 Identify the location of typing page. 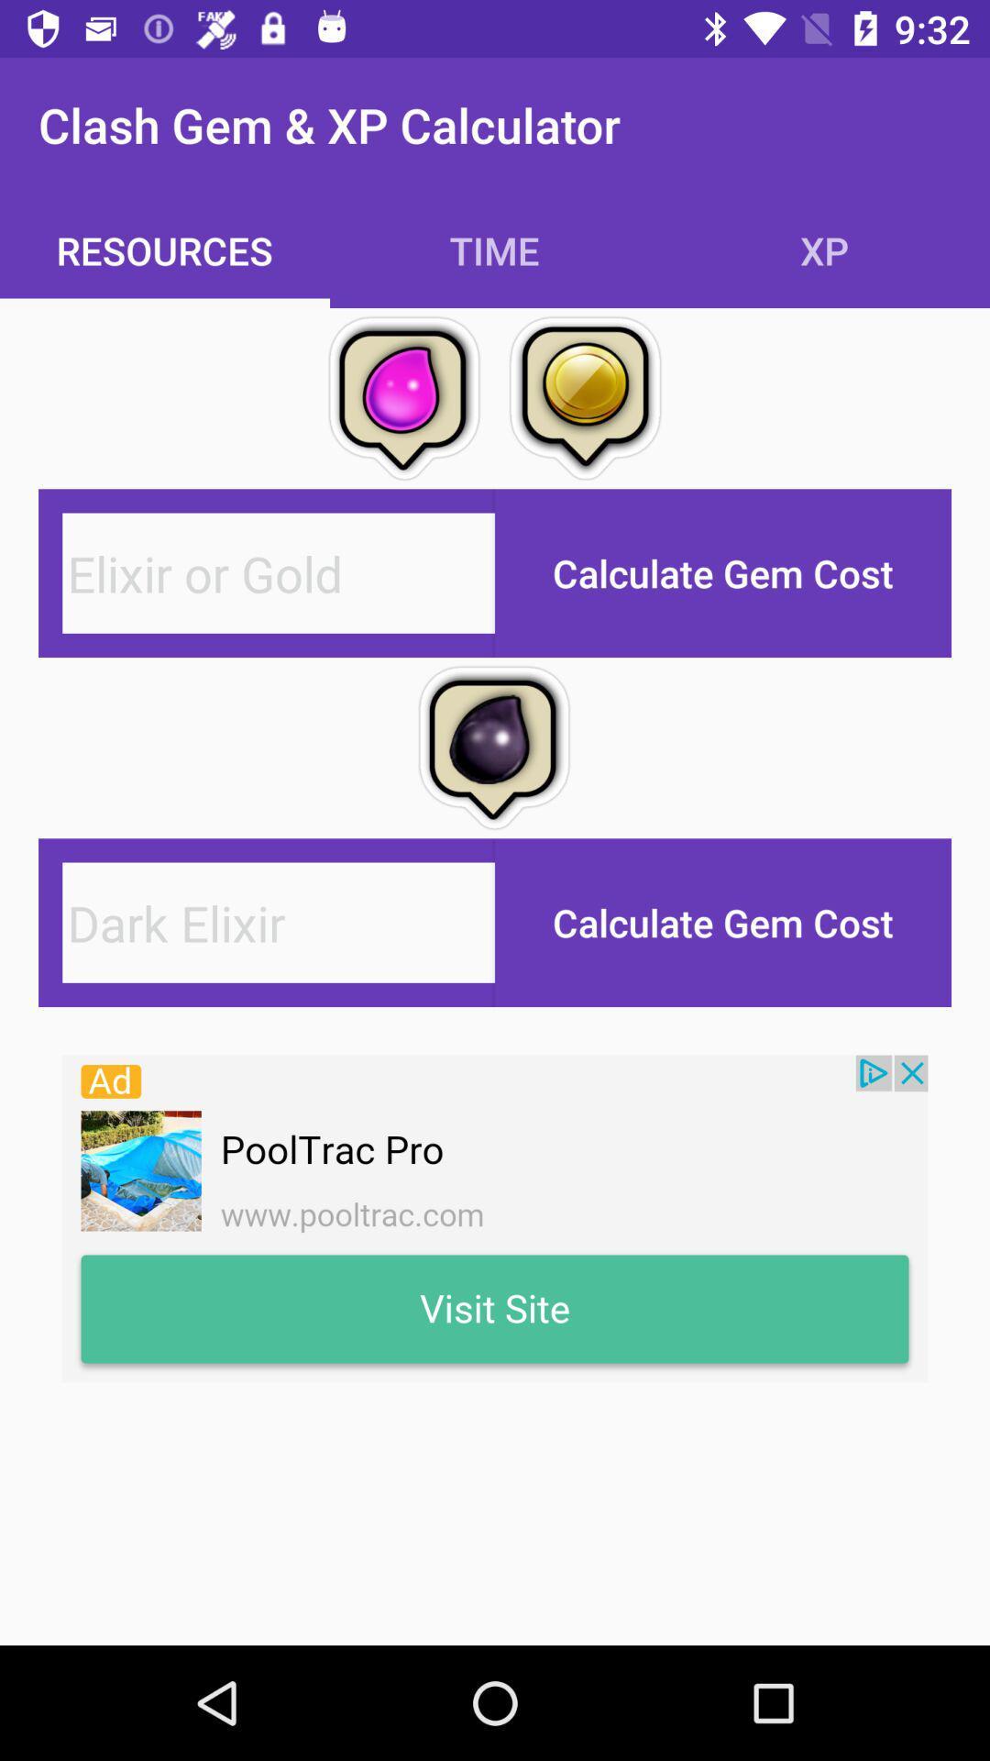
(279, 923).